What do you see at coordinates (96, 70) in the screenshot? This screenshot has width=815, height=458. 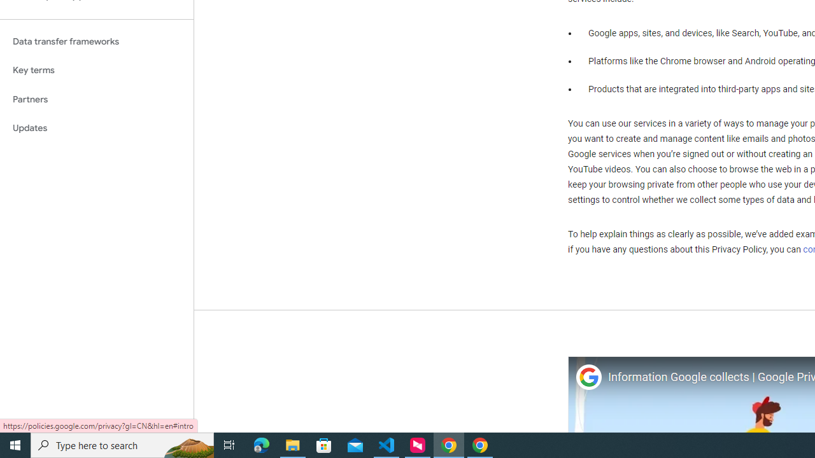 I see `'Key terms'` at bounding box center [96, 70].